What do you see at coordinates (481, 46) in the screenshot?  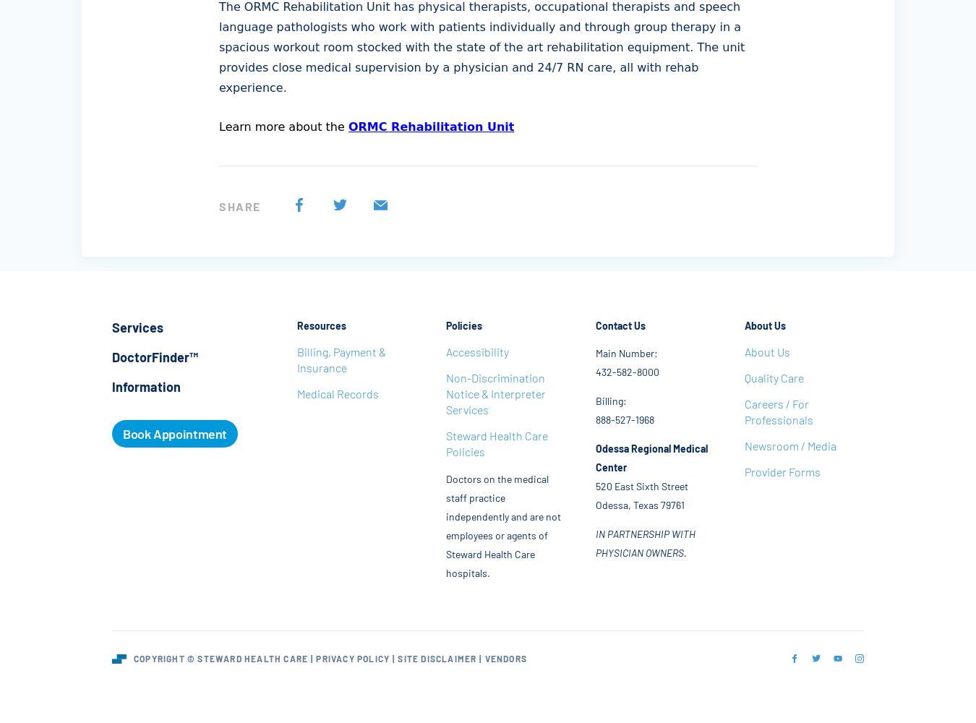 I see `'physical therapists, occupational therapists and speech language pathologists who work with patients individually and through group therapy in a spacious workout room stocked with the state of the art rehabilitation equipment. The unit provides close medical supervision by a physician and 24/7 RN care, all with rehab experience.'` at bounding box center [481, 46].